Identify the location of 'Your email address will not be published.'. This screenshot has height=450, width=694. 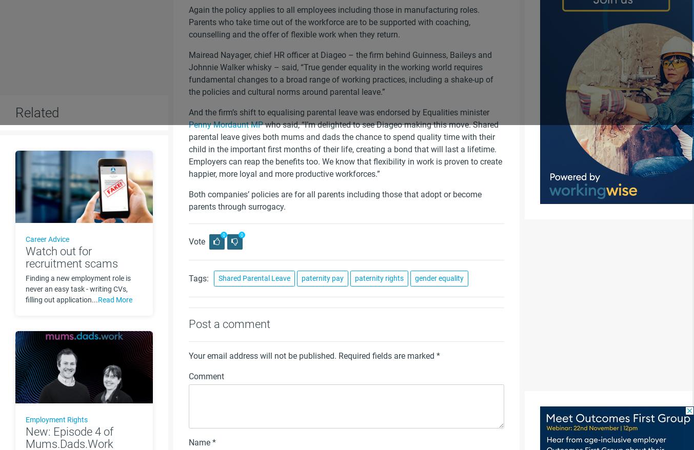
(262, 355).